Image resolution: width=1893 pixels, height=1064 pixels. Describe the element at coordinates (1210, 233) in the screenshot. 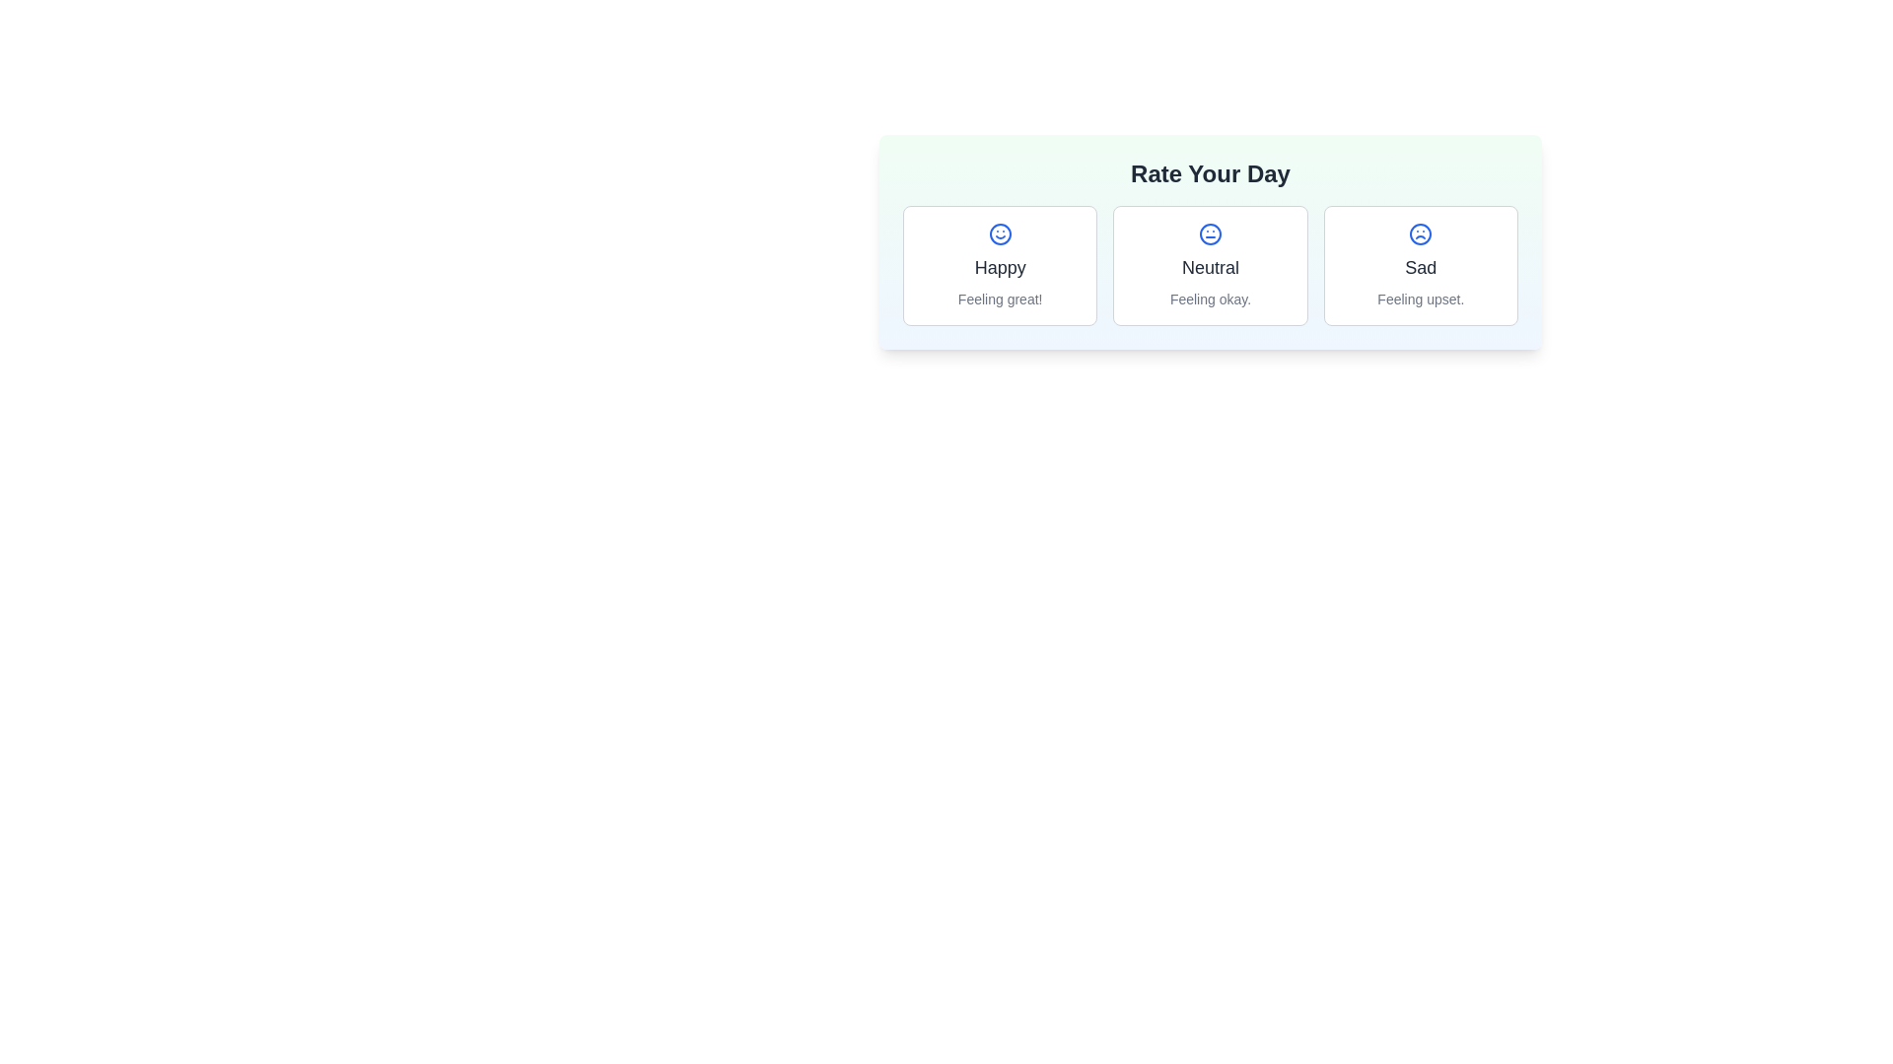

I see `the blue circular shape in the center of the neutral face icon within the 'Rate Your Day' interface` at that location.